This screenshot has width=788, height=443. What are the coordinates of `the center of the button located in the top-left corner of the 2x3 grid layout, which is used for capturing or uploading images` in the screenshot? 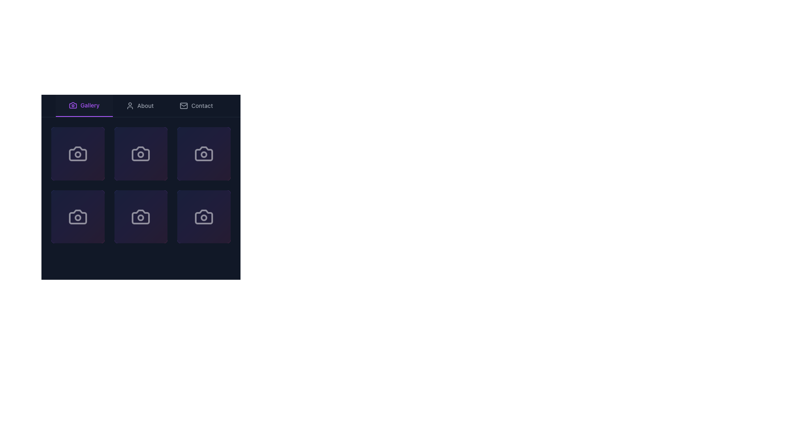 It's located at (78, 153).